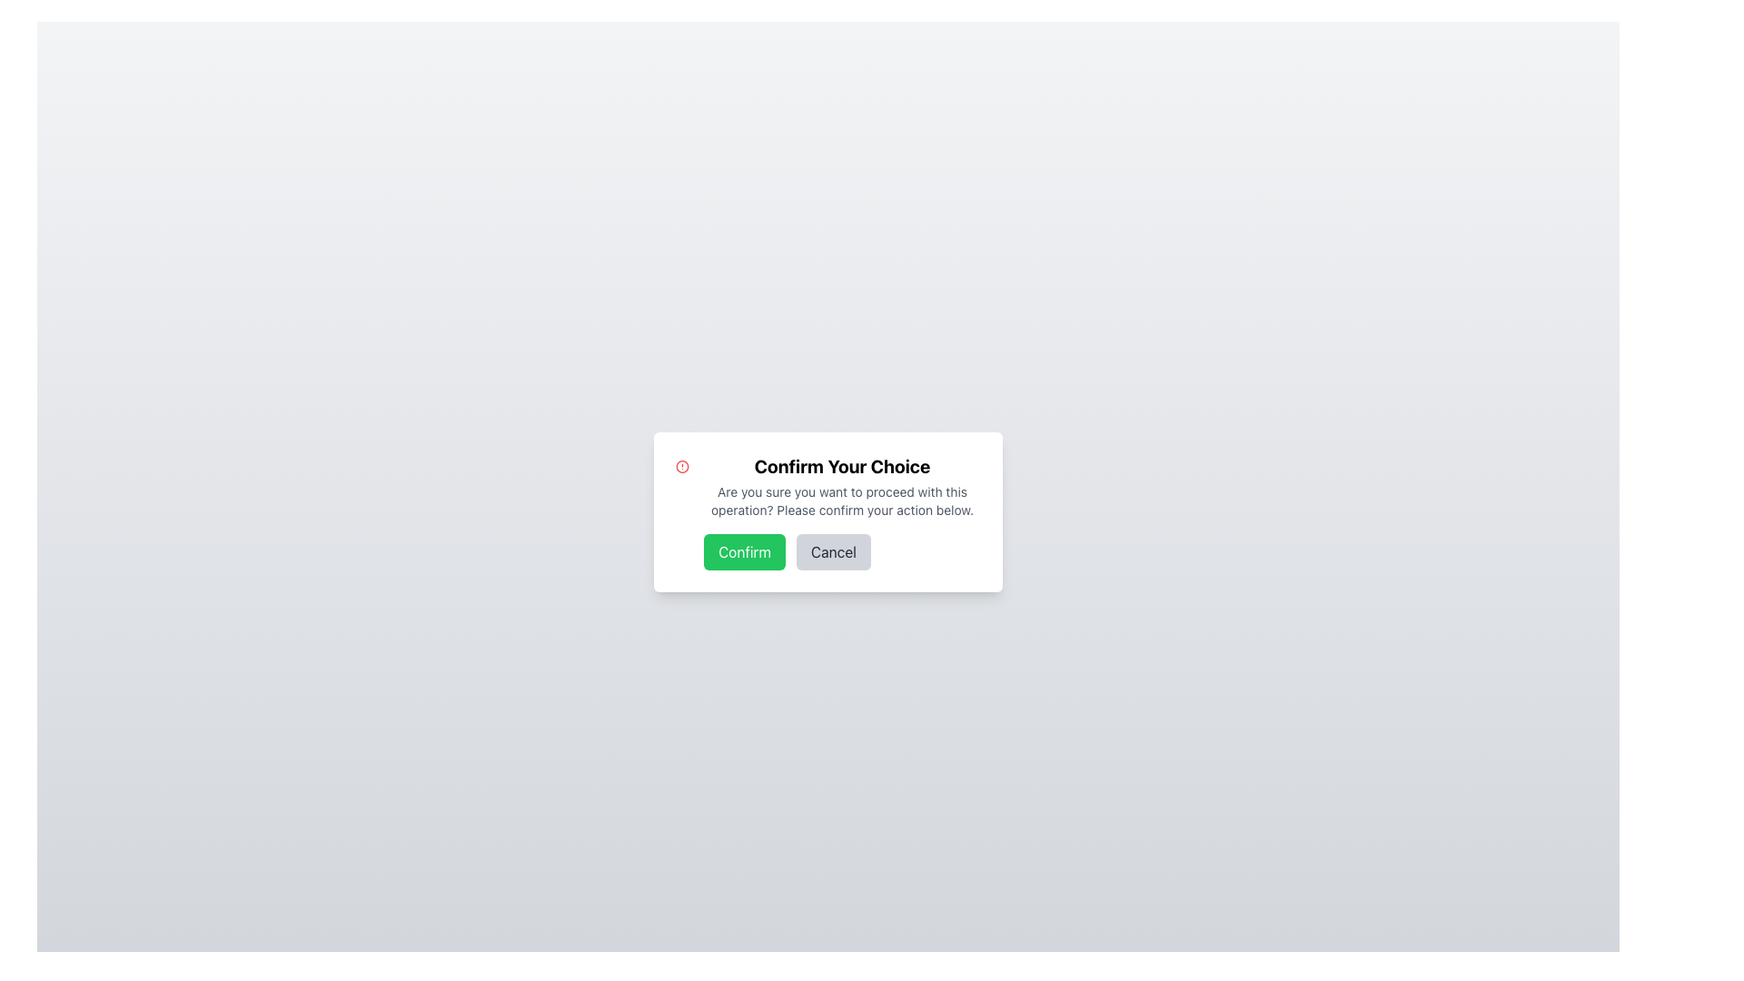  What do you see at coordinates (832, 551) in the screenshot?
I see `the cancel button, which is the second button in a modal dialog positioned to the right of the confirm button, to observe the hover effect` at bounding box center [832, 551].